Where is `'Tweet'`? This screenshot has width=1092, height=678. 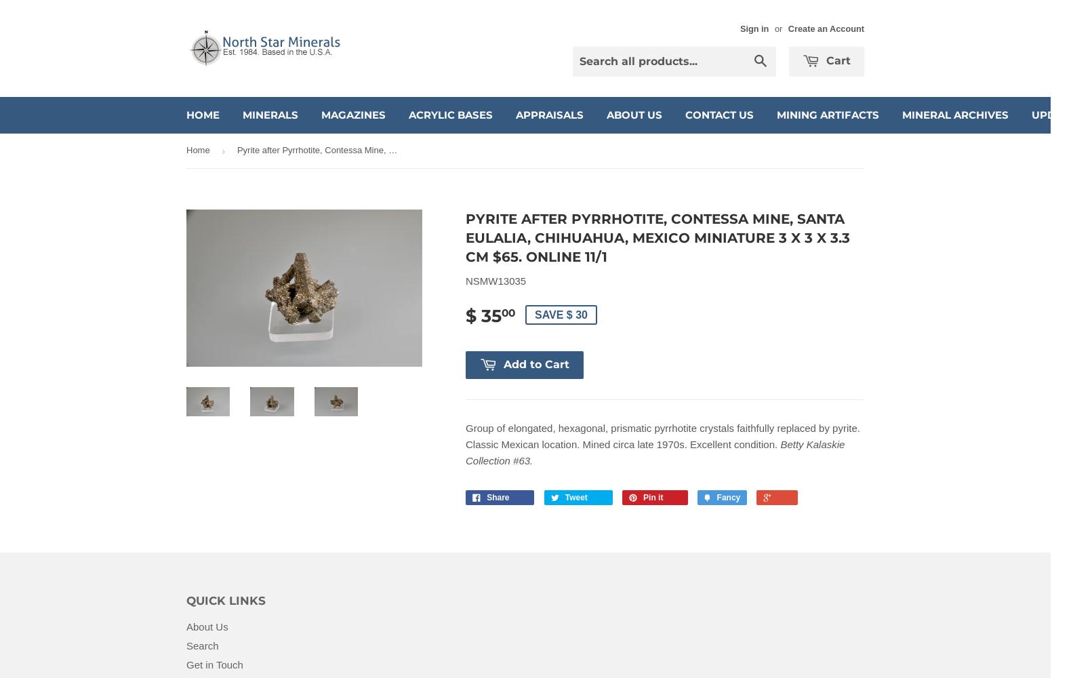
'Tweet' is located at coordinates (564, 496).